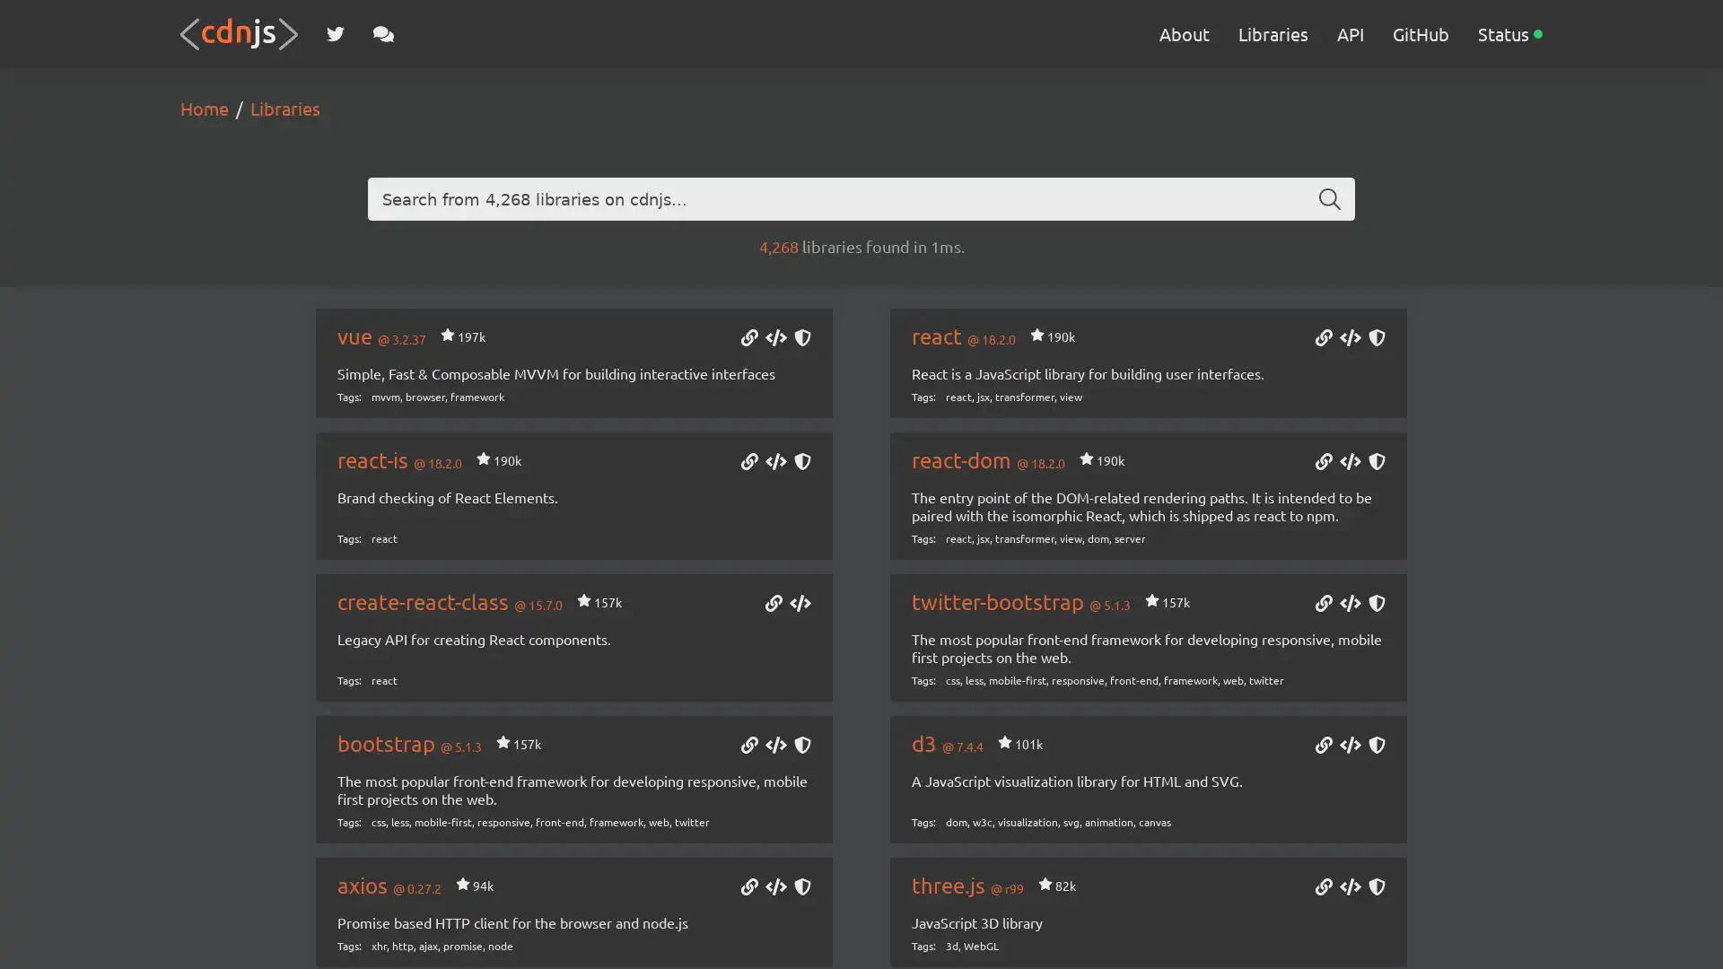 Image resolution: width=1723 pixels, height=969 pixels. What do you see at coordinates (1323, 888) in the screenshot?
I see `Copy URL` at bounding box center [1323, 888].